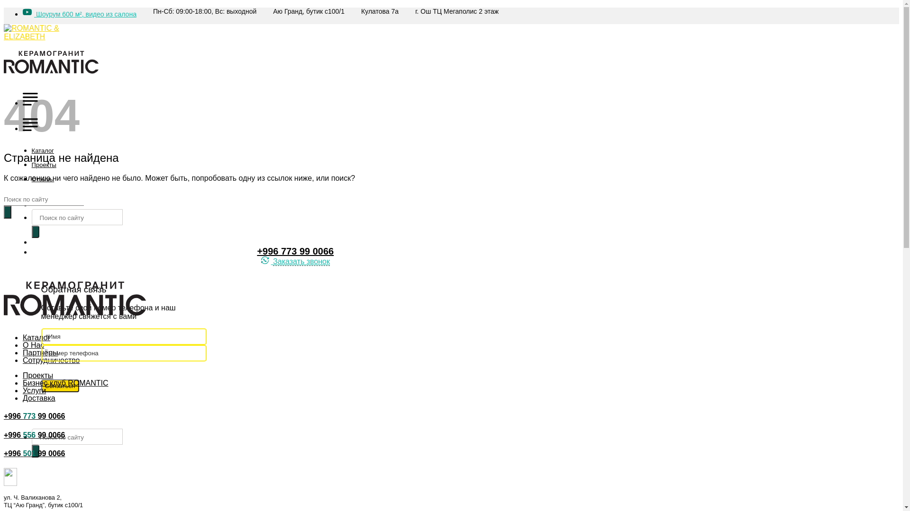 The height and width of the screenshot is (511, 910). Describe the element at coordinates (295, 251) in the screenshot. I see `'+996 773 99 0066'` at that location.